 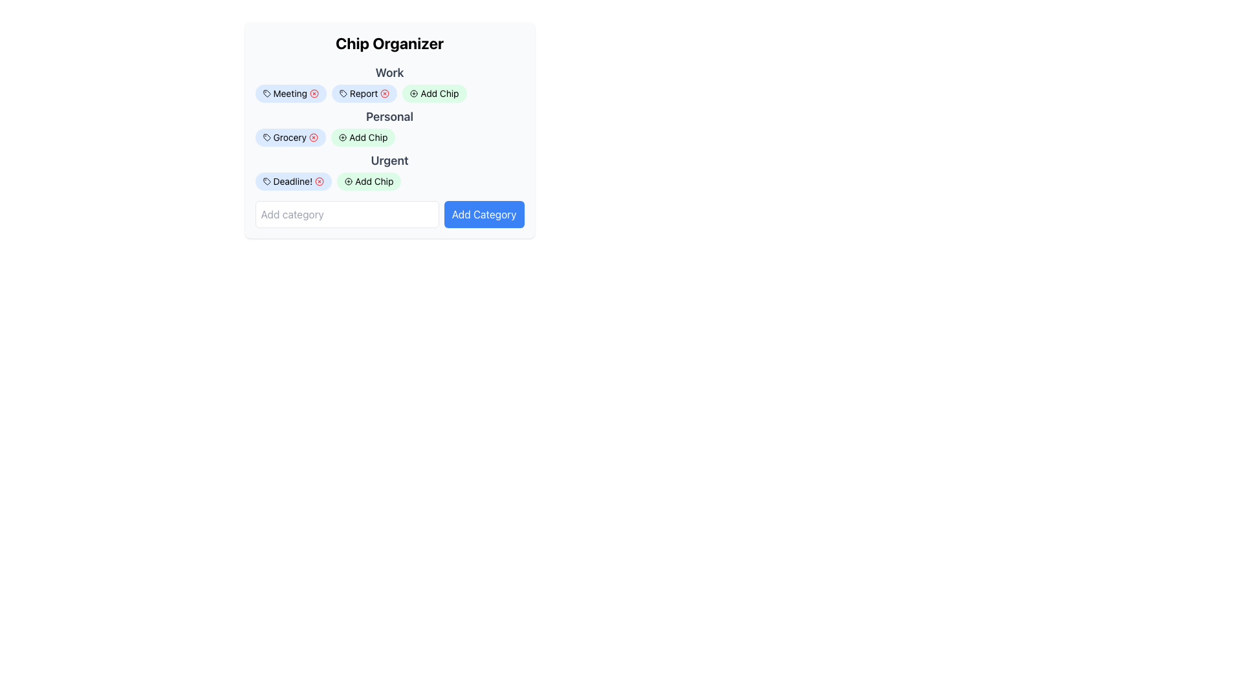 I want to click on the red cross icon on the 'Report' chip tag, so click(x=364, y=93).